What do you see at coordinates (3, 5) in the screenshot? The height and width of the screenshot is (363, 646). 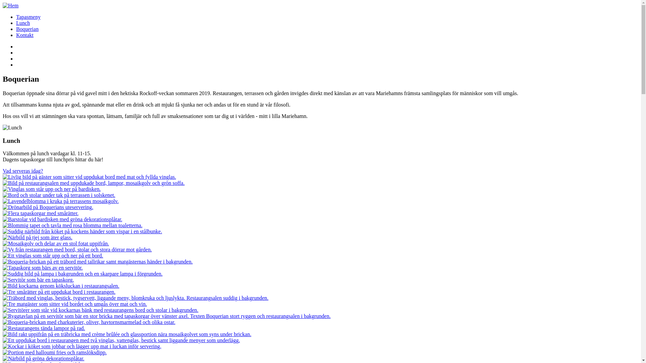 I see `'Hem'` at bounding box center [3, 5].